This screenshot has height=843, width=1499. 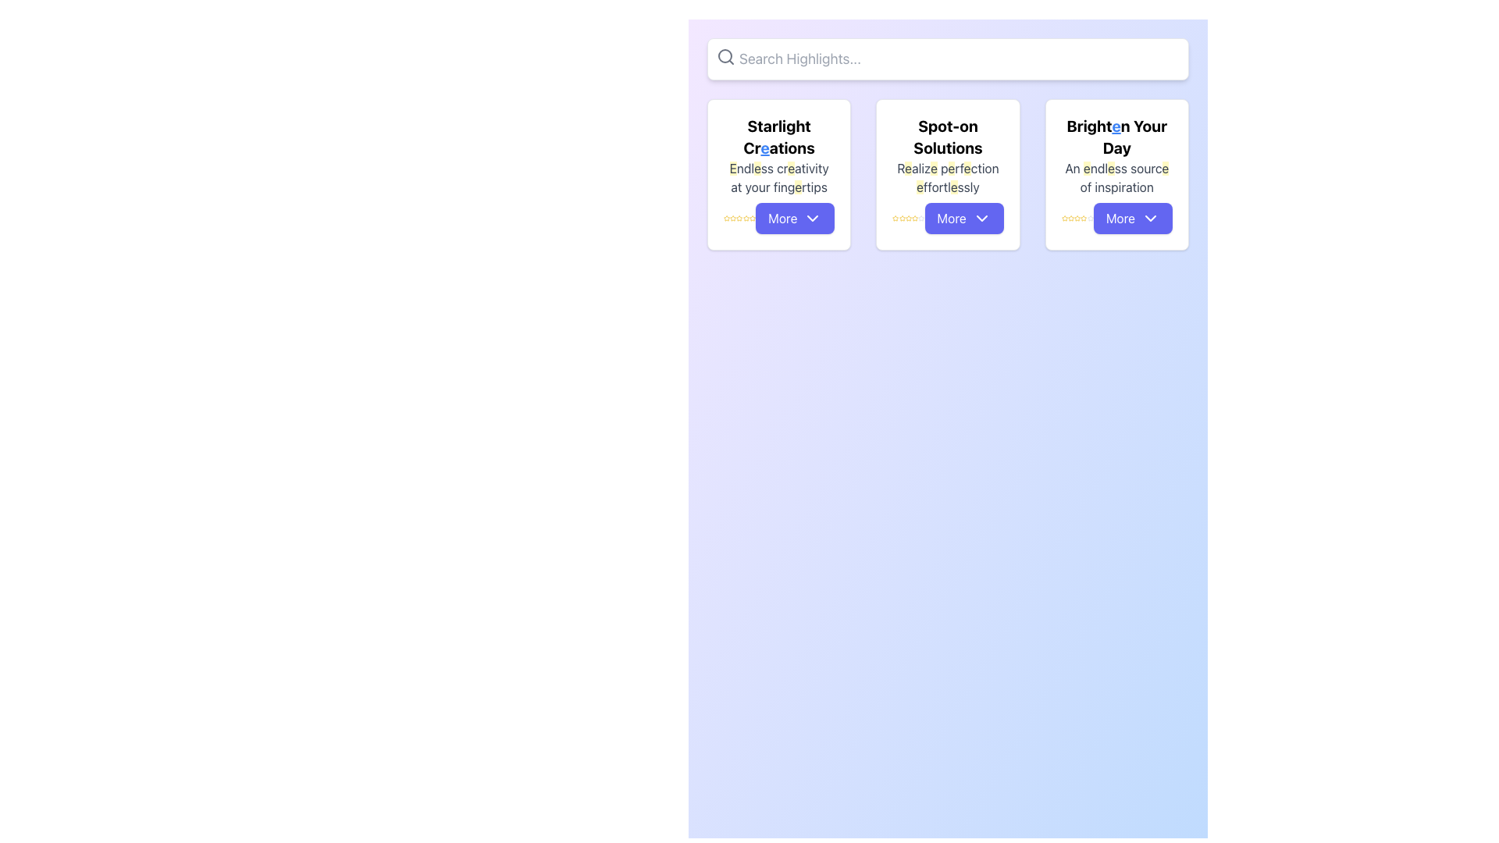 What do you see at coordinates (902, 219) in the screenshot?
I see `the second star icon in the 5-star rating system, which is yellow and located beneath the 'Spot-on Solutions' description text and above the 'More' button` at bounding box center [902, 219].